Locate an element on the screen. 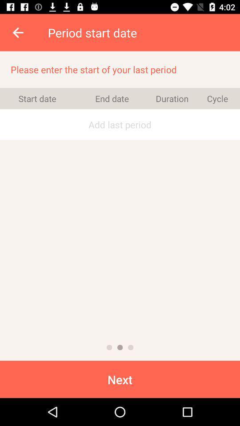  the item below the add last period item is located at coordinates (109, 347).